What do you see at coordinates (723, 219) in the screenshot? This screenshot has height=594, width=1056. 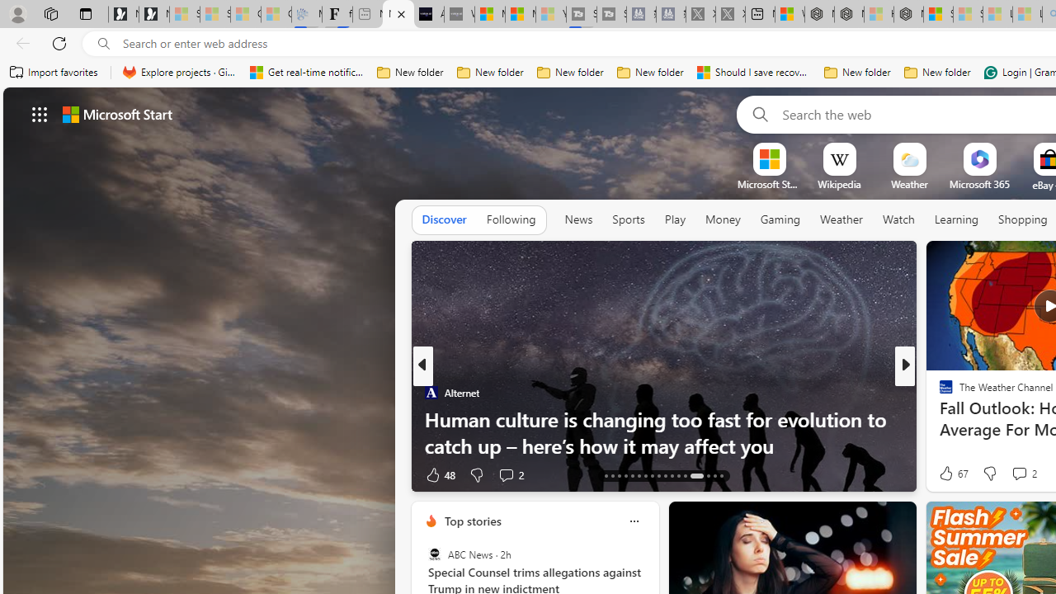 I see `'Money'` at bounding box center [723, 219].